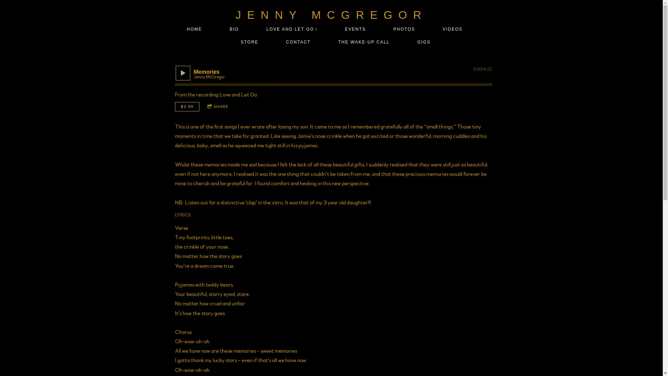 The width and height of the screenshot is (668, 376). What do you see at coordinates (217, 107) in the screenshot?
I see `'SHARE'` at bounding box center [217, 107].